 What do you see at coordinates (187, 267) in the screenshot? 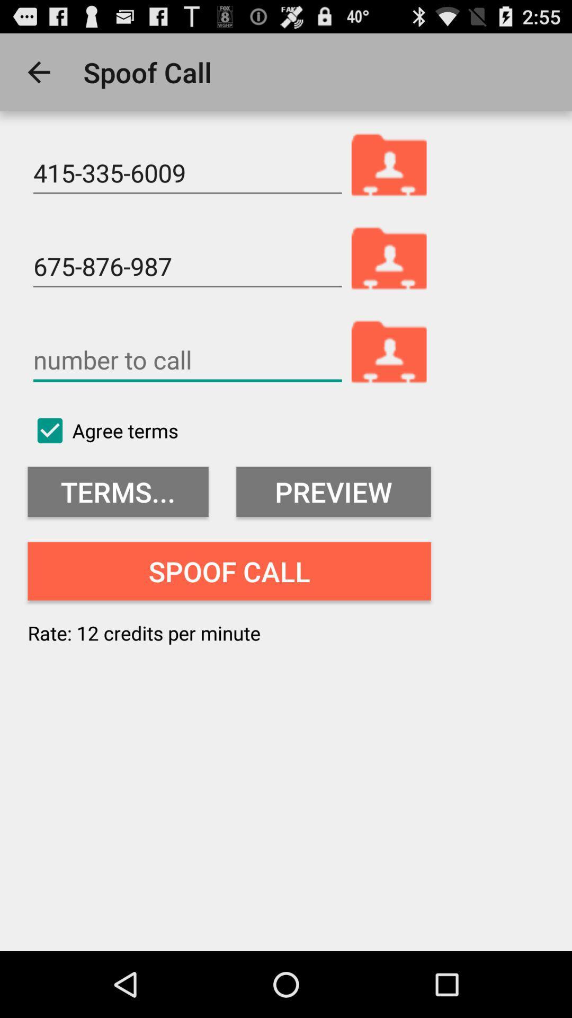
I see `the 675-876-987 icon` at bounding box center [187, 267].